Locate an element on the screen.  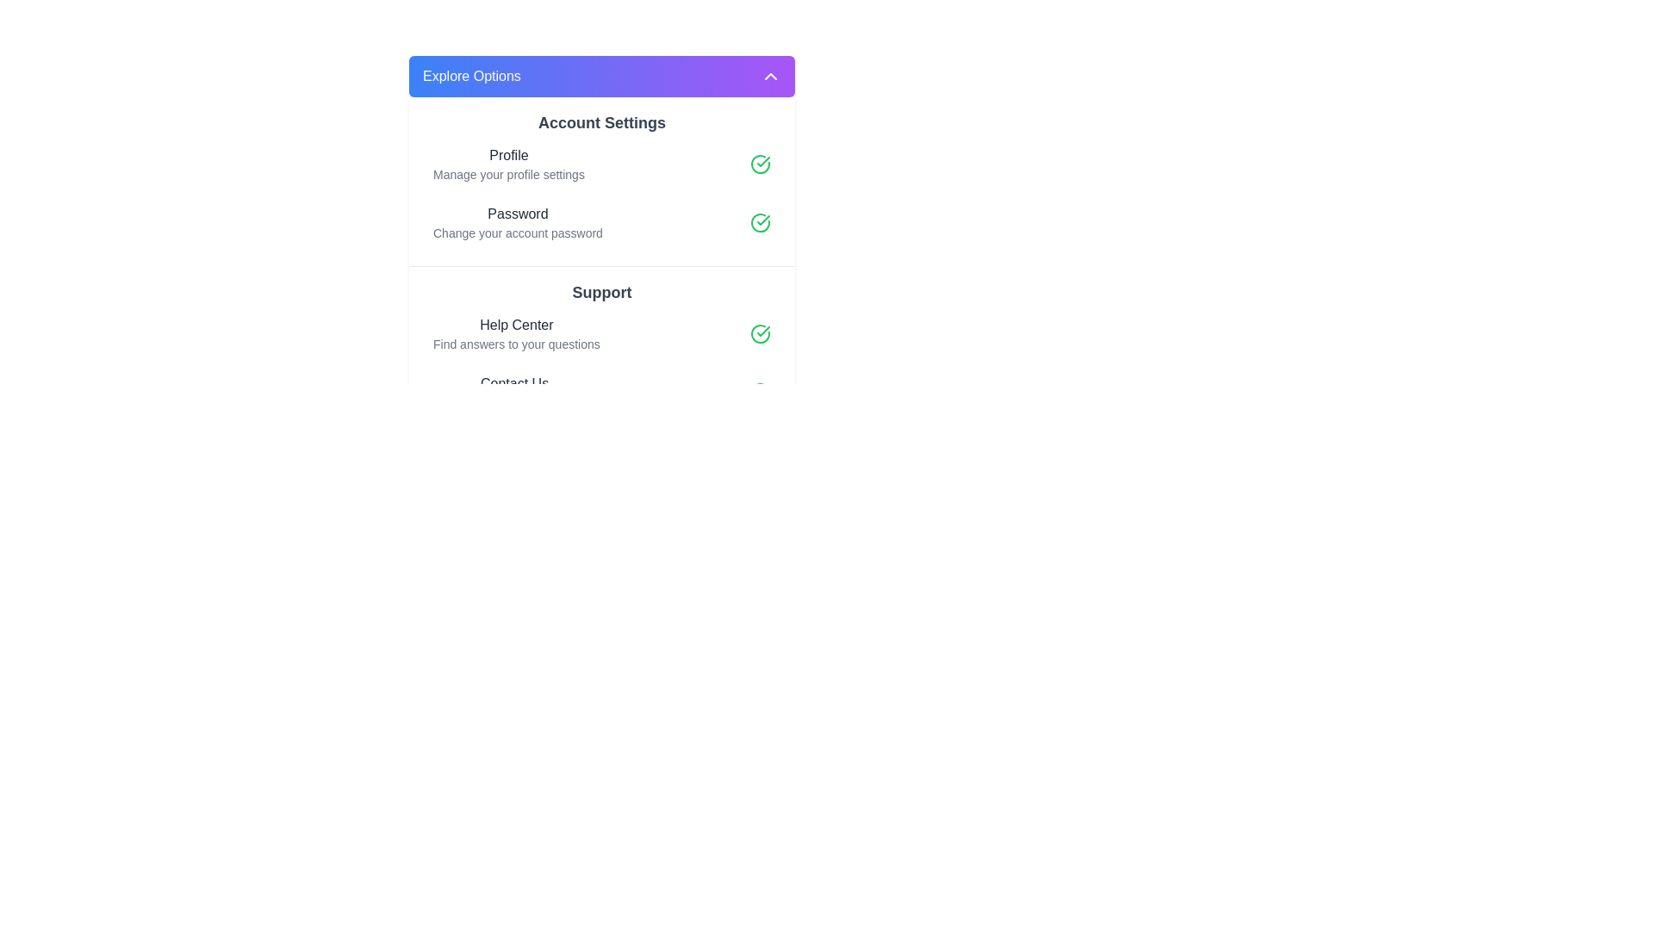
the 'Password' text label in the 'Account Settings' section, which describes its purpose and functionality is located at coordinates (517, 221).